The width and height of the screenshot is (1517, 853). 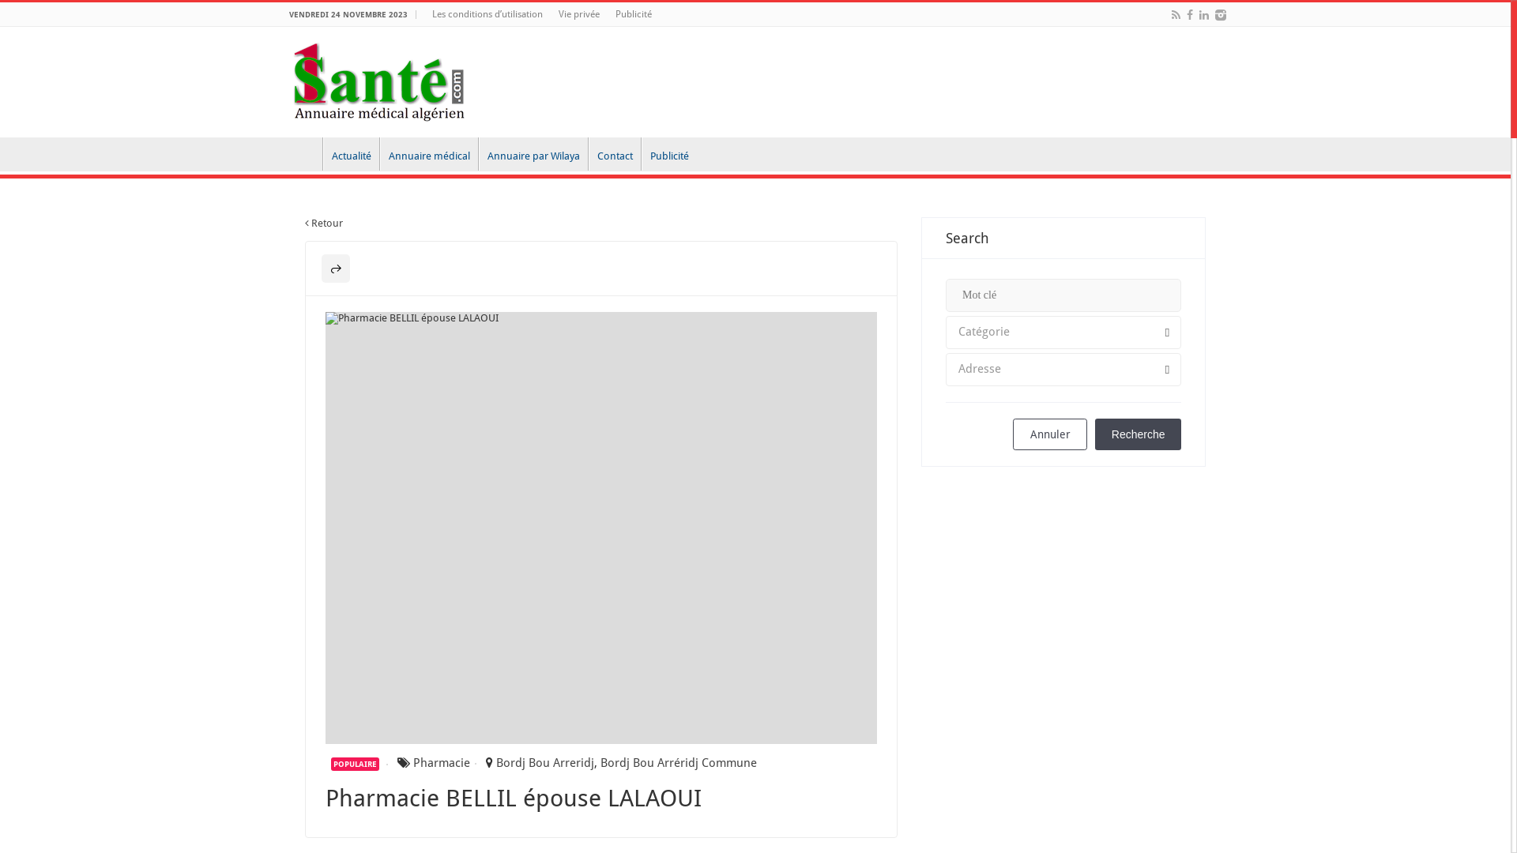 I want to click on 'Rss', so click(x=1176, y=15).